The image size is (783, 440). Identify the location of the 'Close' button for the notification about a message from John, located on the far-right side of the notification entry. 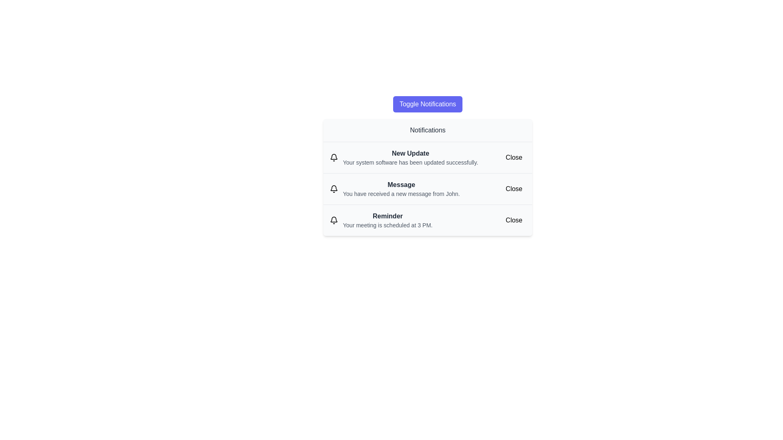
(513, 189).